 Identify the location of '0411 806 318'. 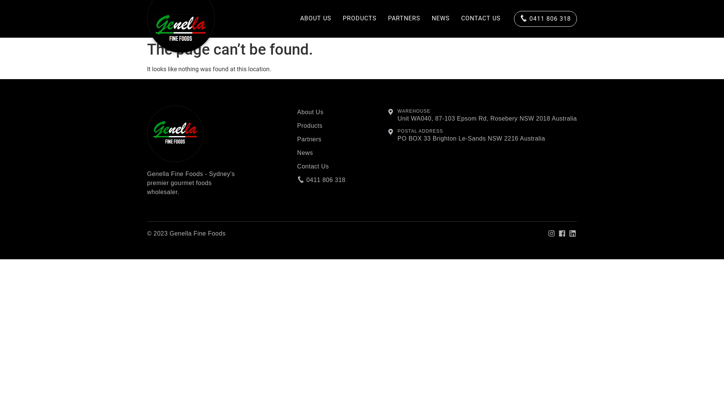
(545, 18).